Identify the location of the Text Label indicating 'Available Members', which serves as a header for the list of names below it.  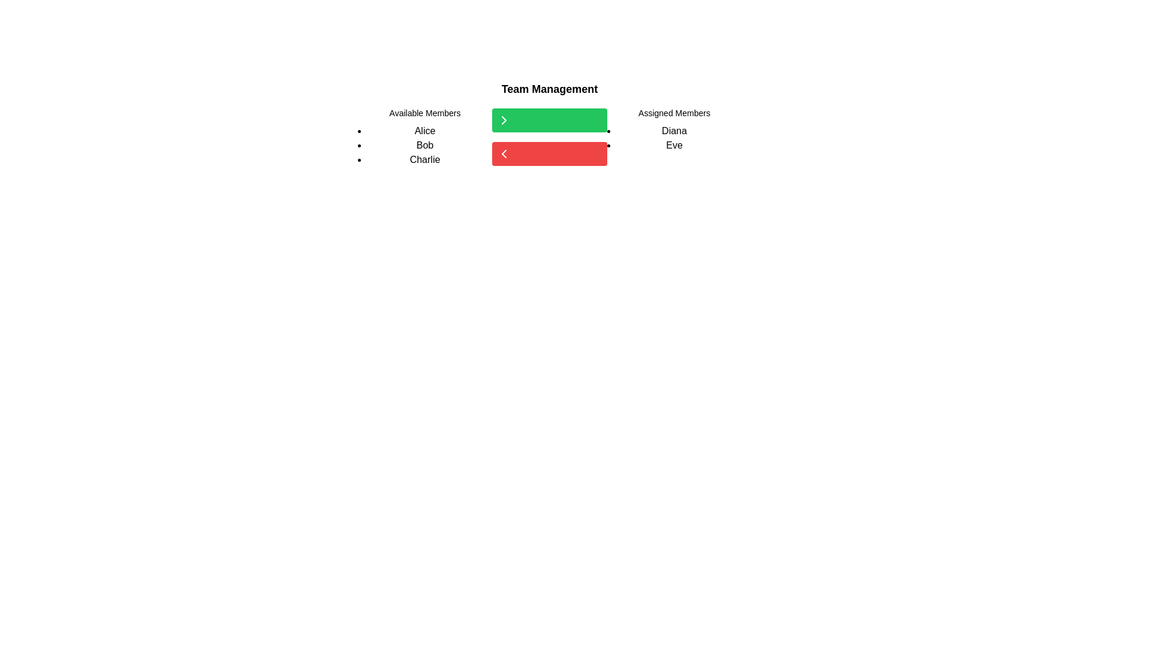
(425, 113).